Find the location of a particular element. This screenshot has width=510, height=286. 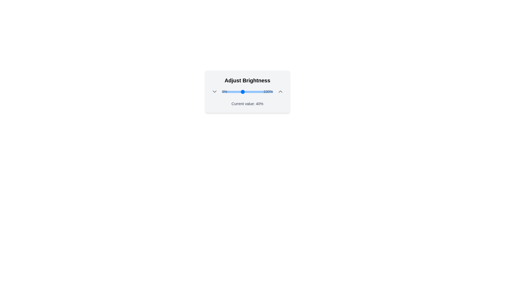

the downward-pointing gray Chevron icon located to the left of the '0%' text in the 'Adjust Brightness' UI section is located at coordinates (214, 91).